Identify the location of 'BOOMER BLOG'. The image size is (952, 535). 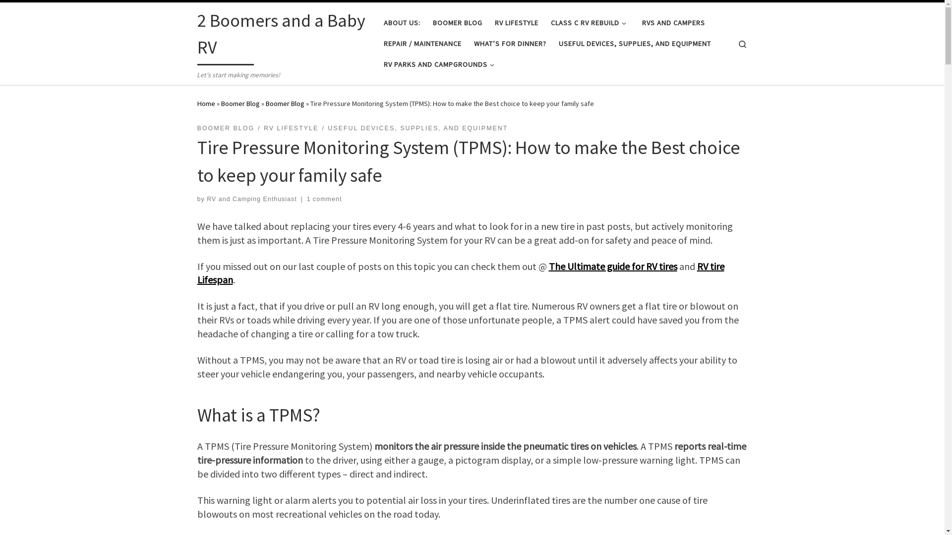
(226, 128).